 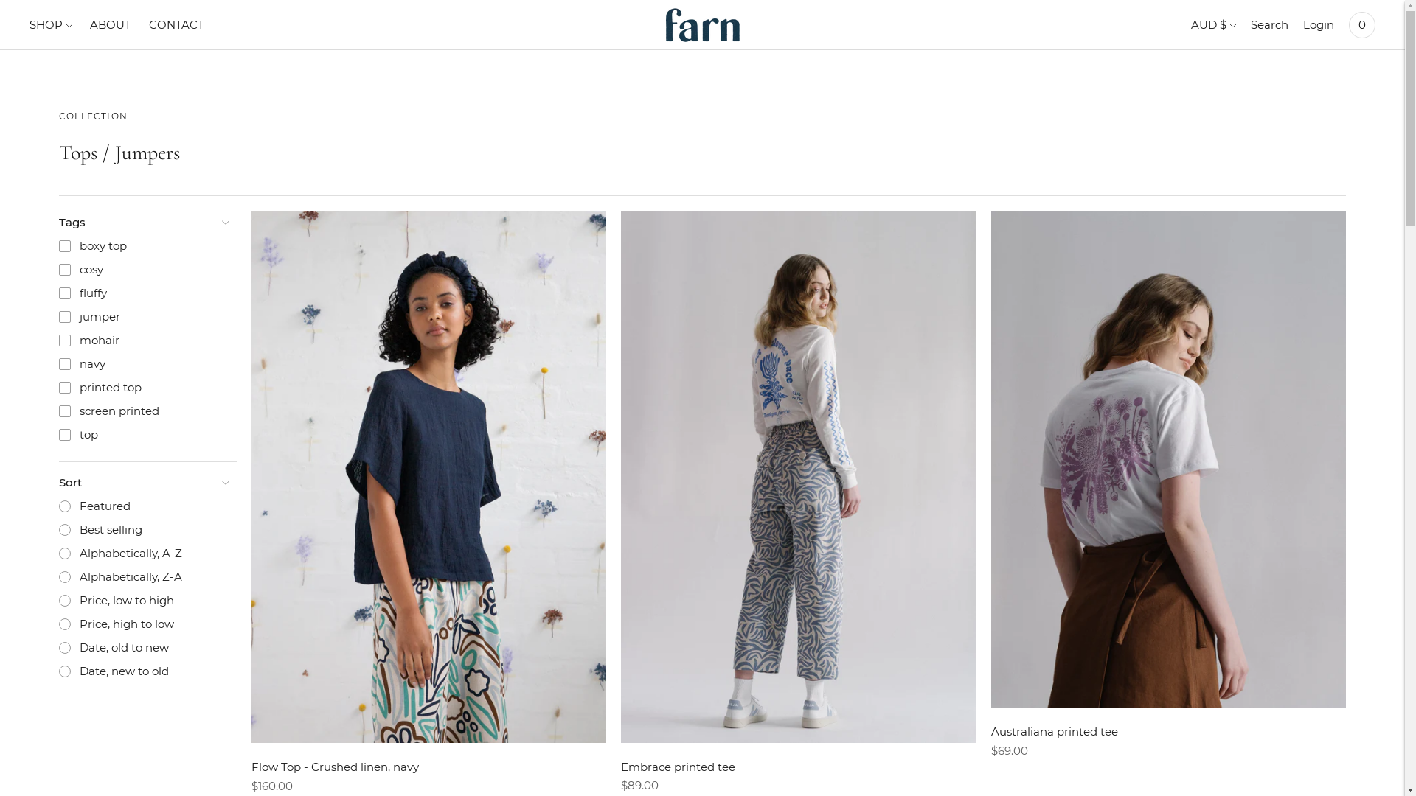 What do you see at coordinates (1302, 25) in the screenshot?
I see `'Login'` at bounding box center [1302, 25].